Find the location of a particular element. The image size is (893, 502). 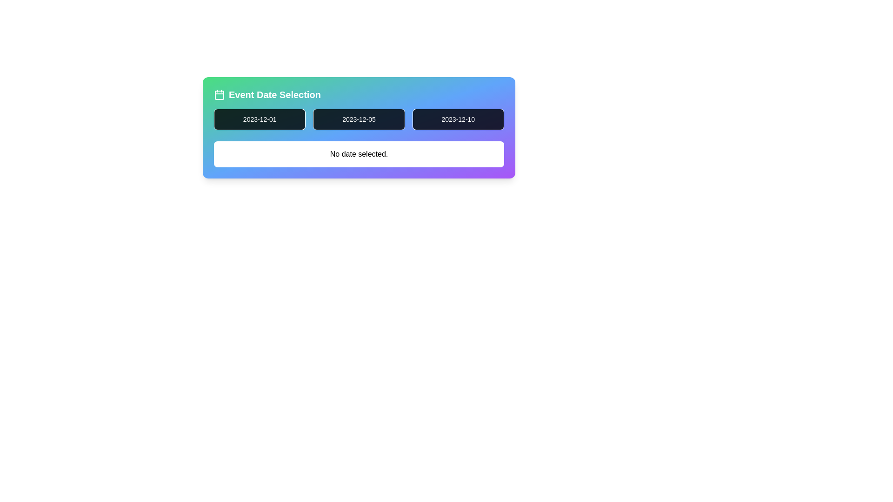

the first button in the 'Event Date Selection' section to trigger a visual effect is located at coordinates (260, 119).